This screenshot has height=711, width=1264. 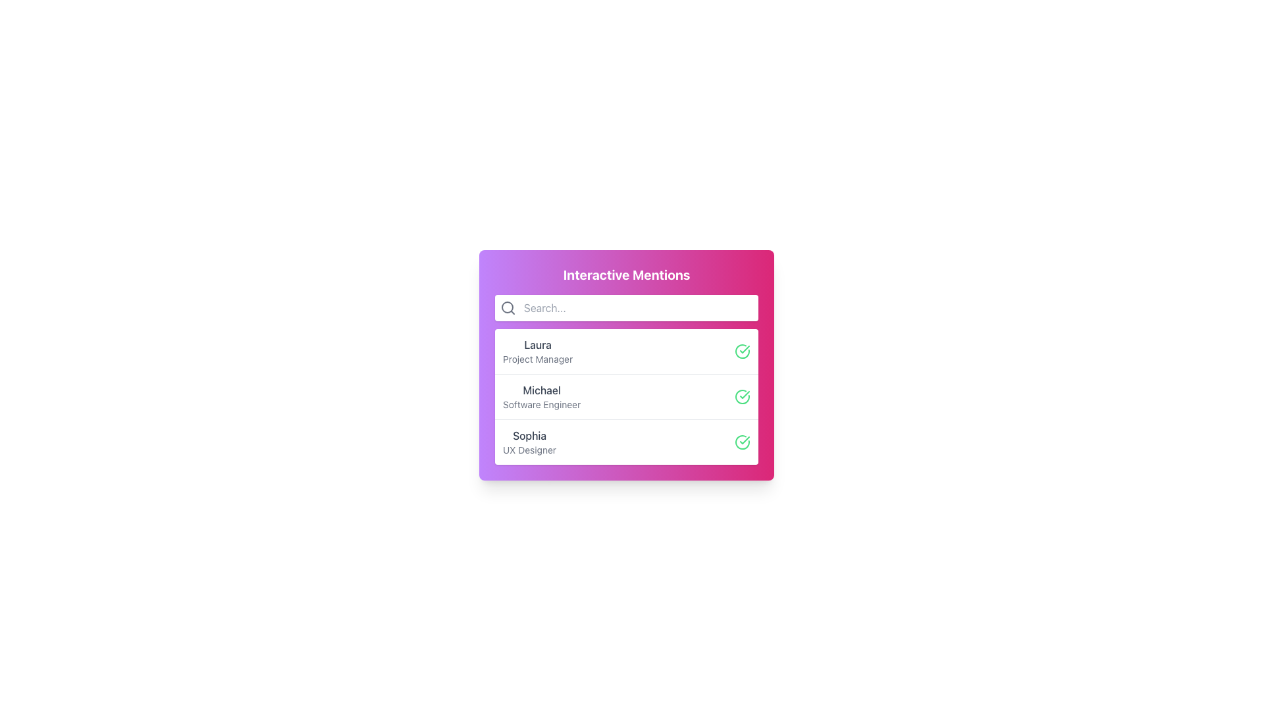 What do you see at coordinates (745, 349) in the screenshot?
I see `the visual representation of the checkmark icon within the circular boundary, indicating approval, located in the third row under 'Sophia, UX Designer.'` at bounding box center [745, 349].